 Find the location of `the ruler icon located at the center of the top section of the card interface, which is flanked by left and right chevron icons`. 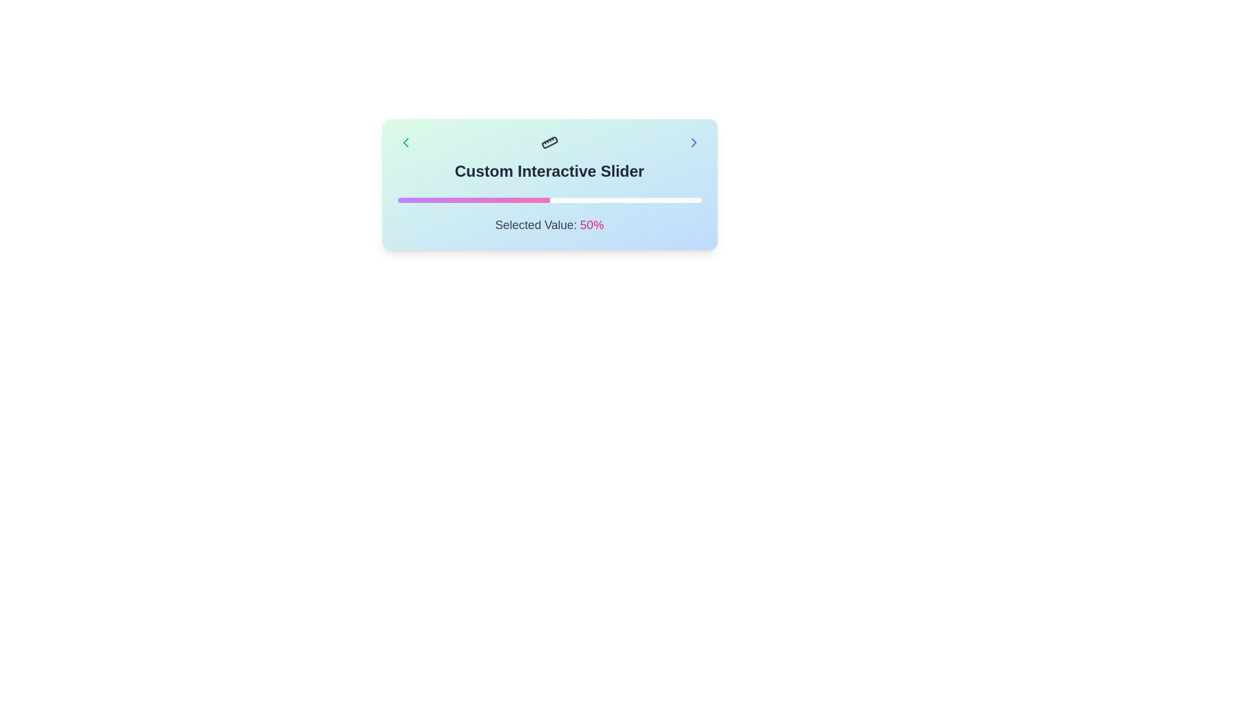

the ruler icon located at the center of the top section of the card interface, which is flanked by left and right chevron icons is located at coordinates (549, 143).